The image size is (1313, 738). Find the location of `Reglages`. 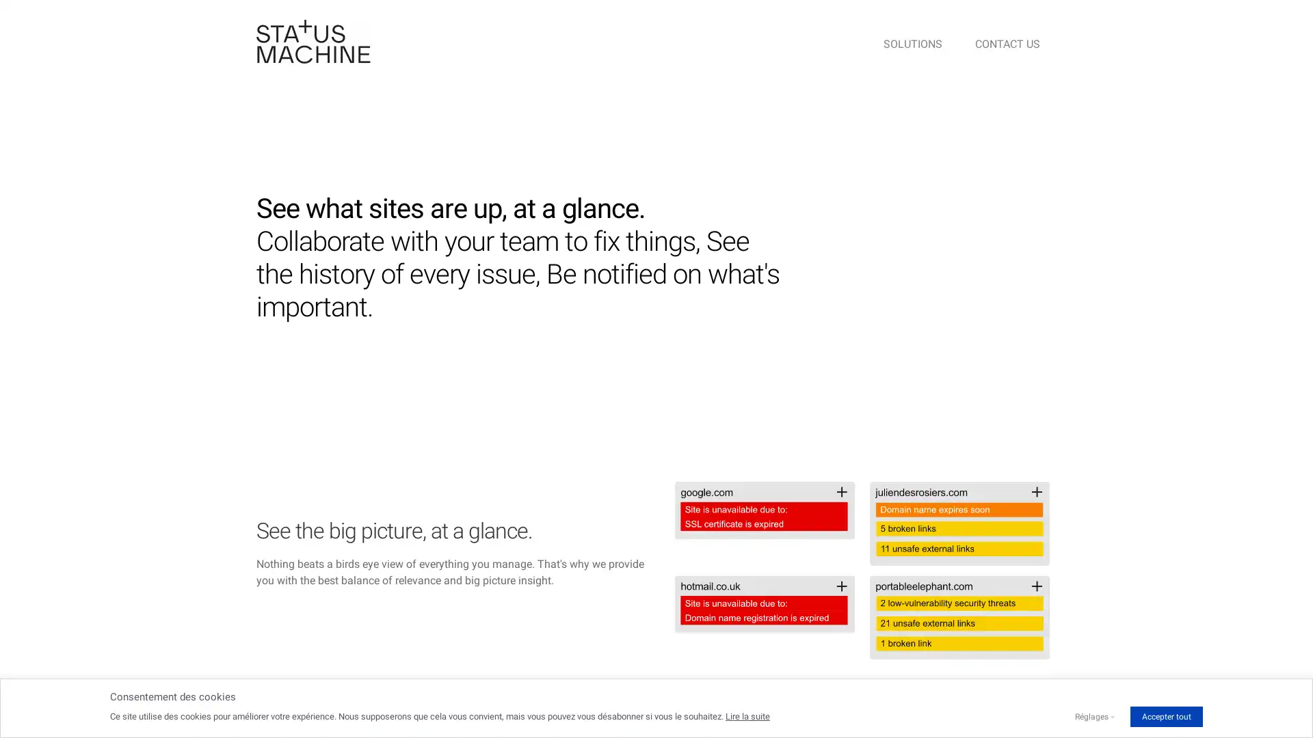

Reglages is located at coordinates (1091, 716).